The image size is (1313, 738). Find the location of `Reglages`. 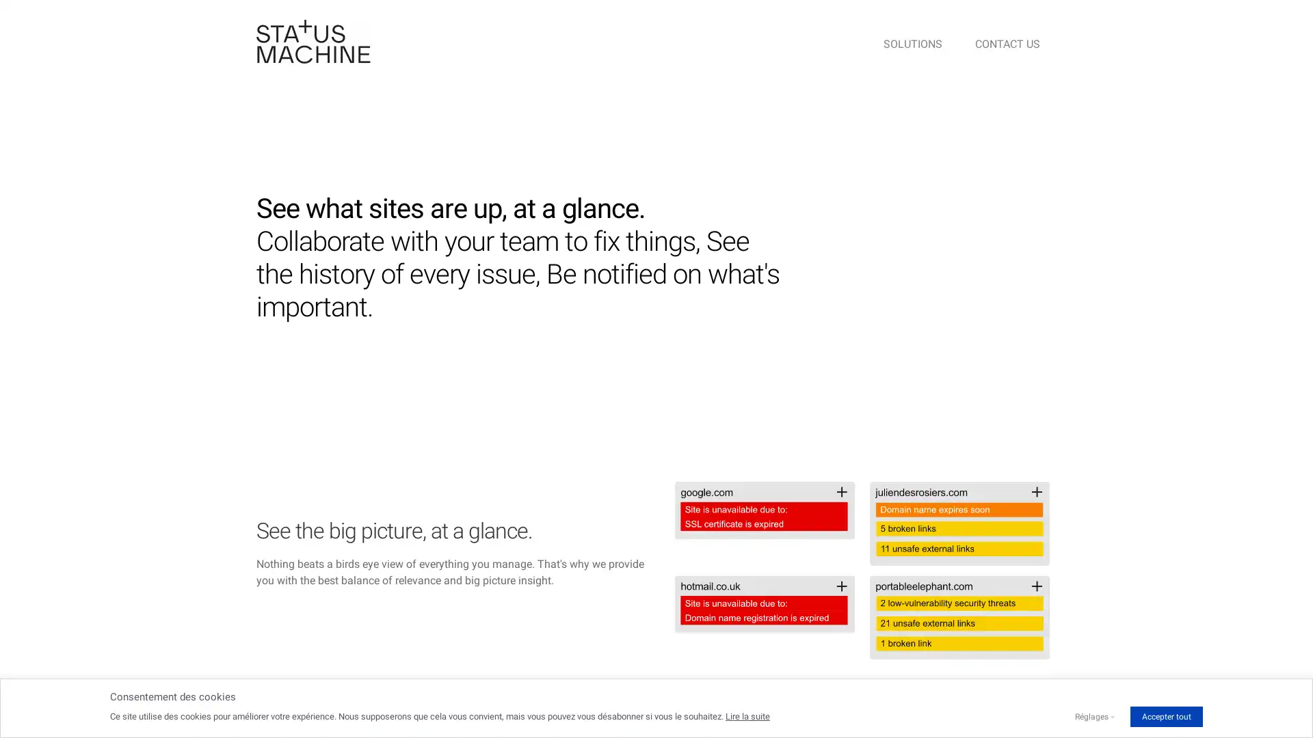

Reglages is located at coordinates (1091, 716).